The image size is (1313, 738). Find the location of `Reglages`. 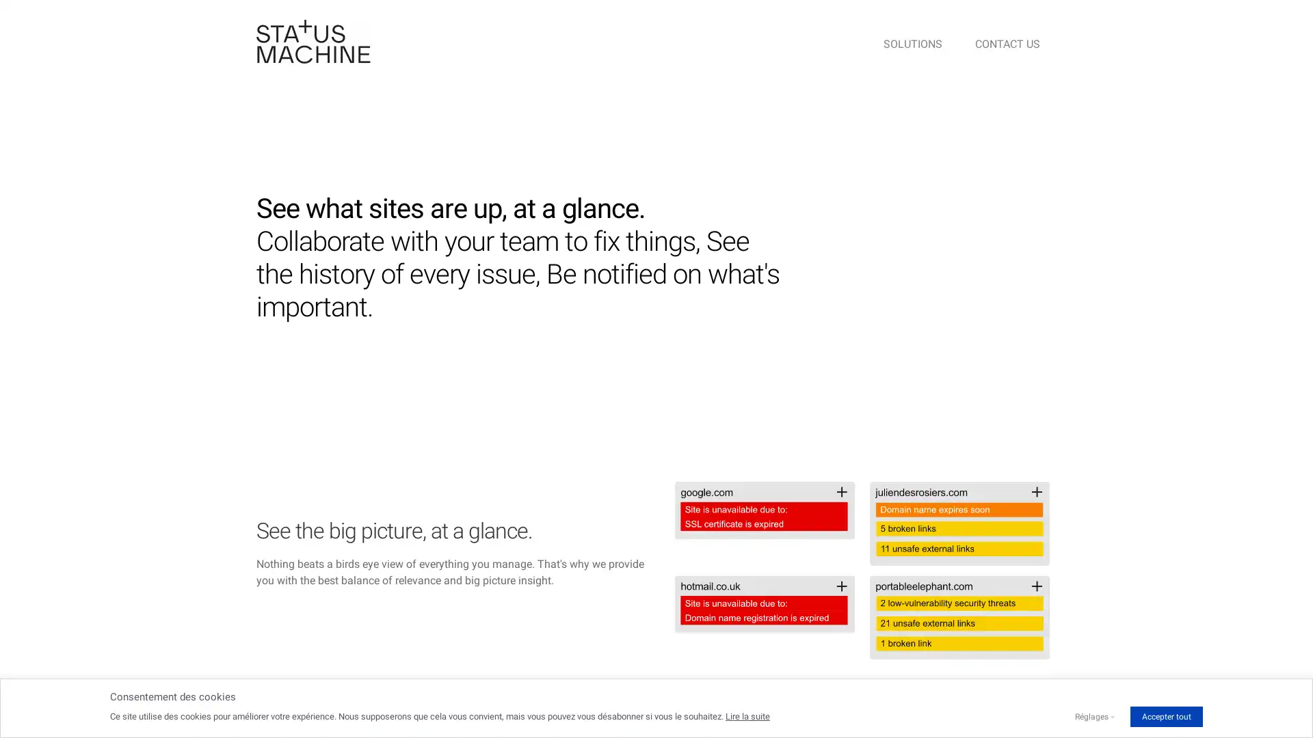

Reglages is located at coordinates (1091, 716).